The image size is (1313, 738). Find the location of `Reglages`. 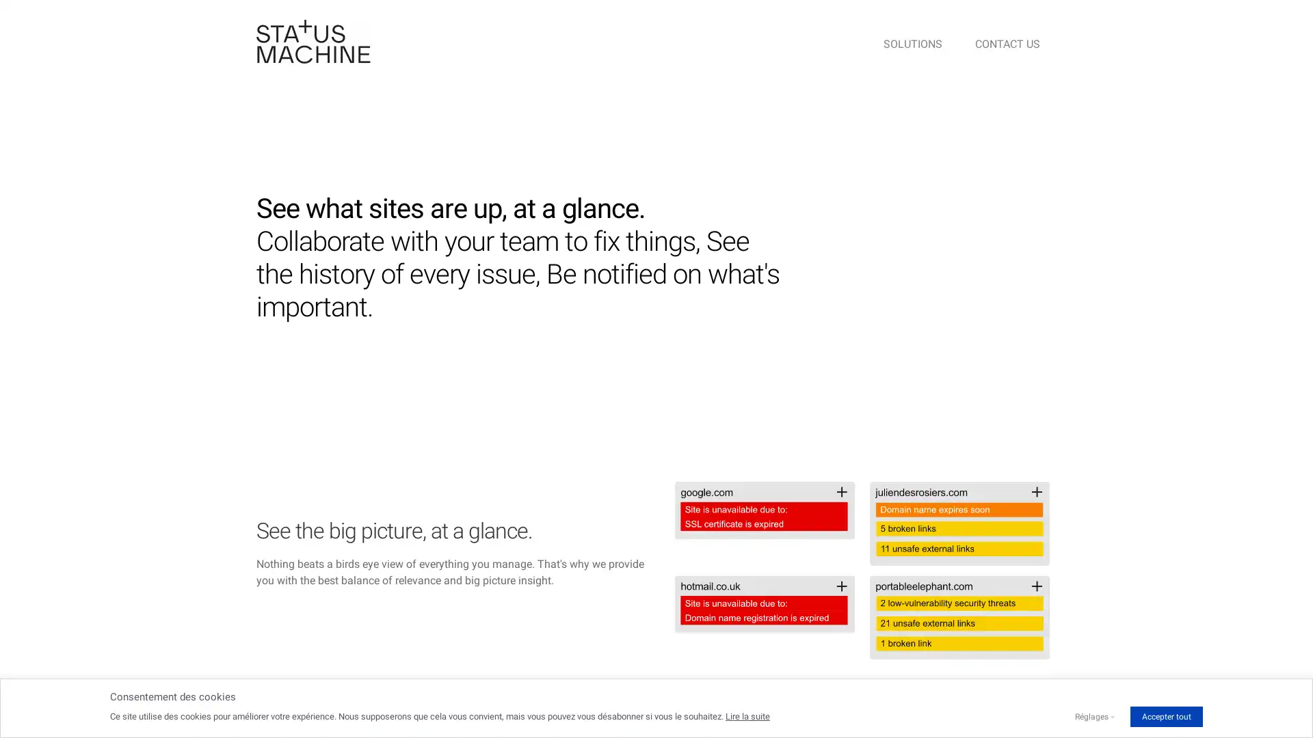

Reglages is located at coordinates (1091, 716).